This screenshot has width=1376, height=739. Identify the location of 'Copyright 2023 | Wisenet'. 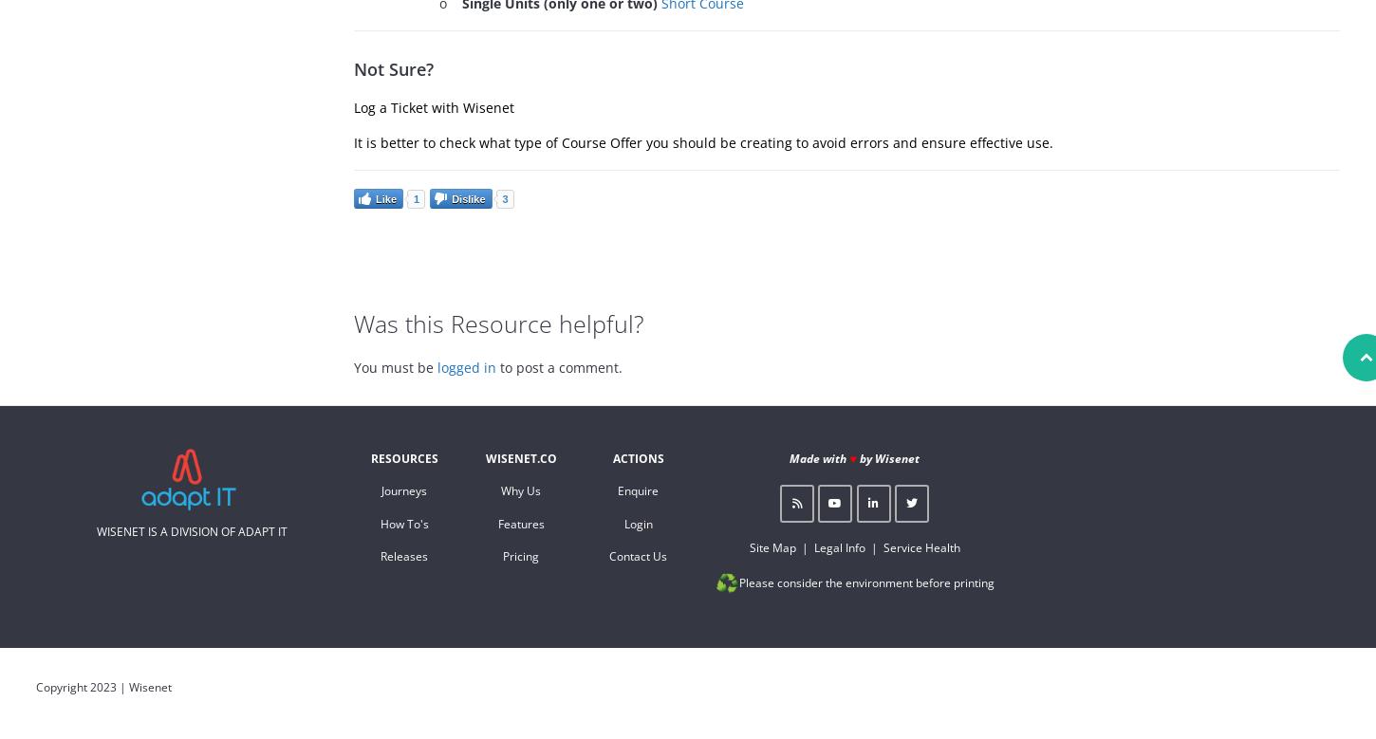
(103, 686).